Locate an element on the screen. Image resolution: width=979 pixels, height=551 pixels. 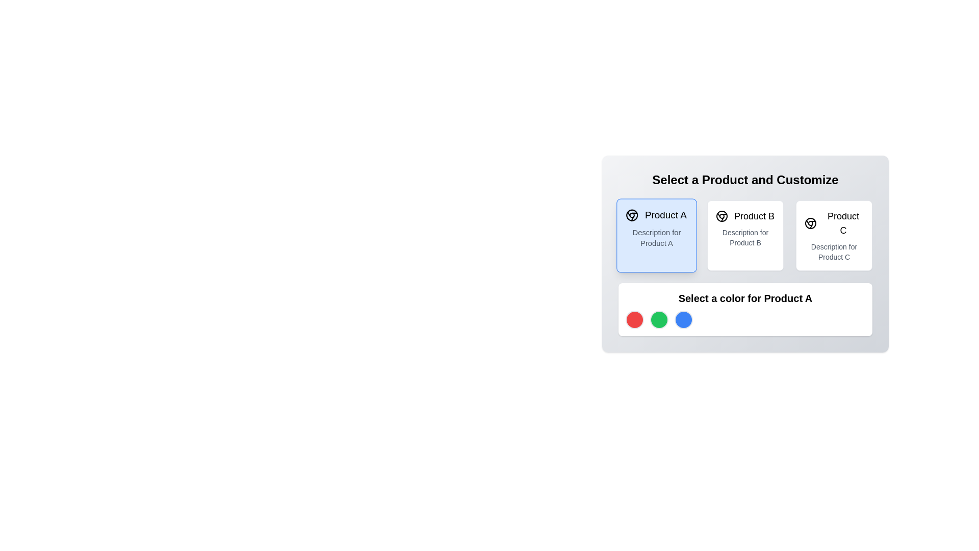
the circular icon styled in a black outline resembling a Chrome-like logo, located at the top-left corner of the 'Product B' card, adjacent to the text 'Product B' is located at coordinates (722, 216).